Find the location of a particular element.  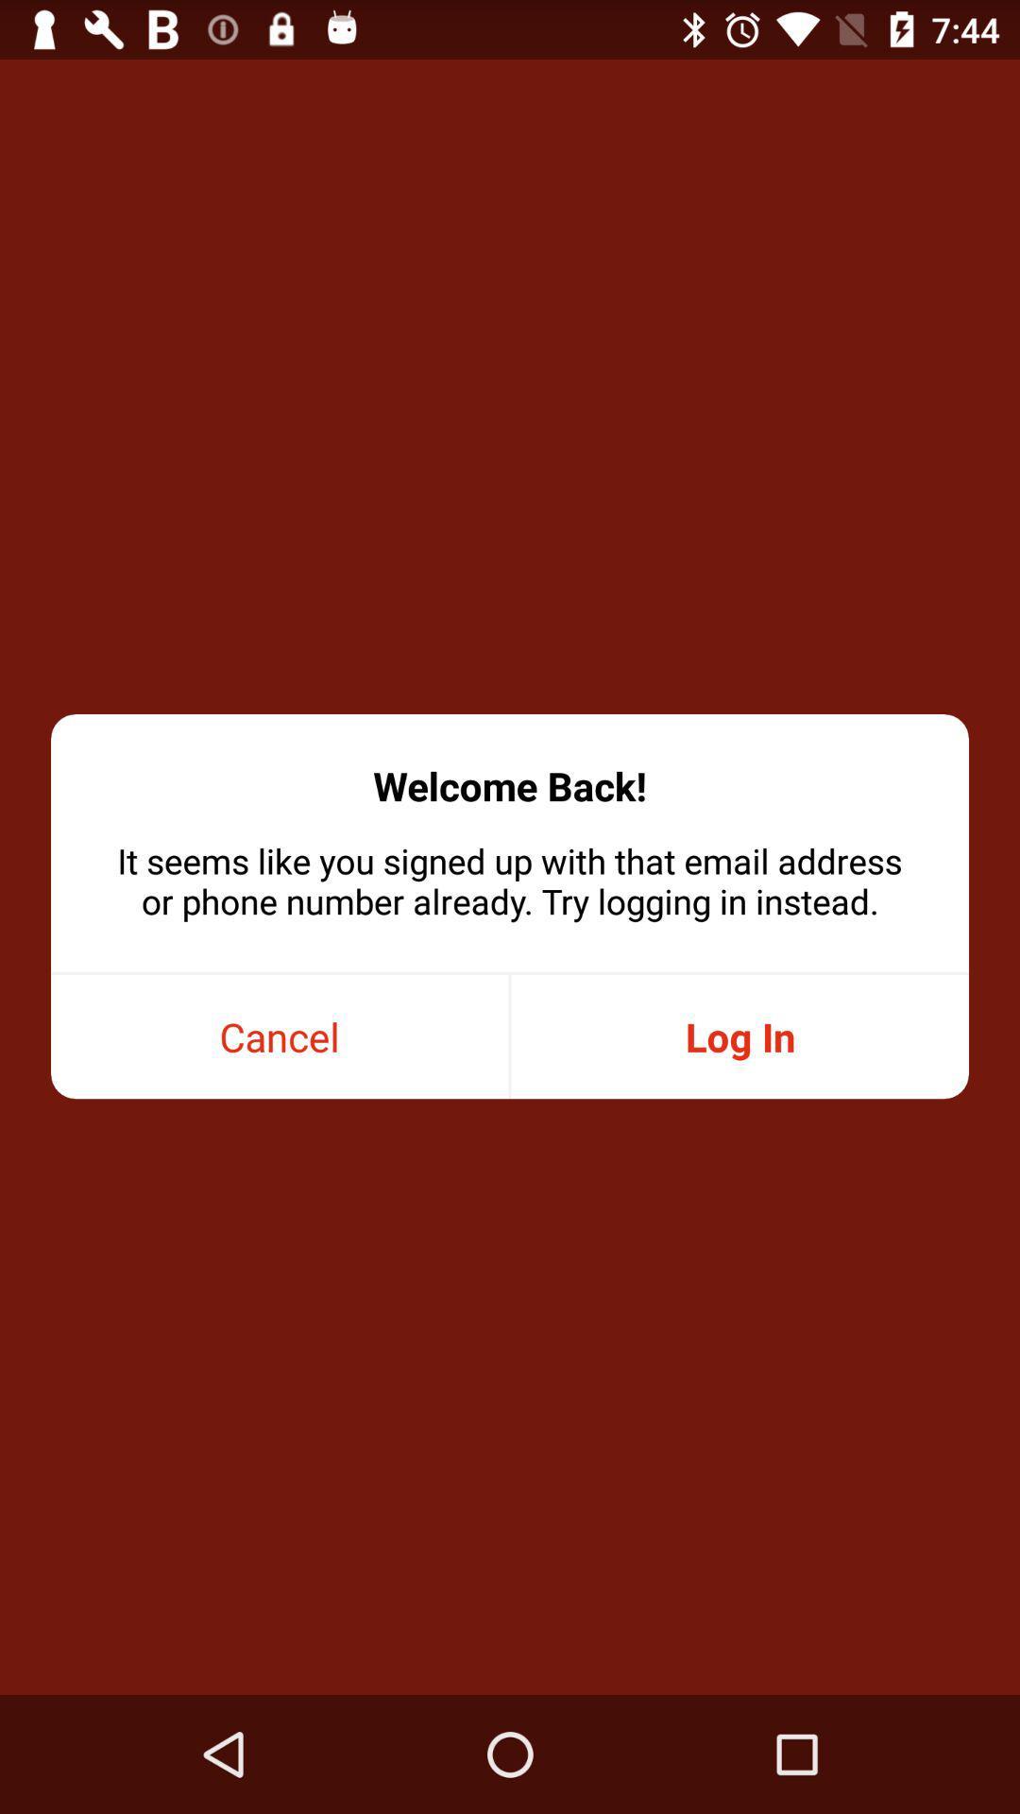

the log in is located at coordinates (739, 1035).